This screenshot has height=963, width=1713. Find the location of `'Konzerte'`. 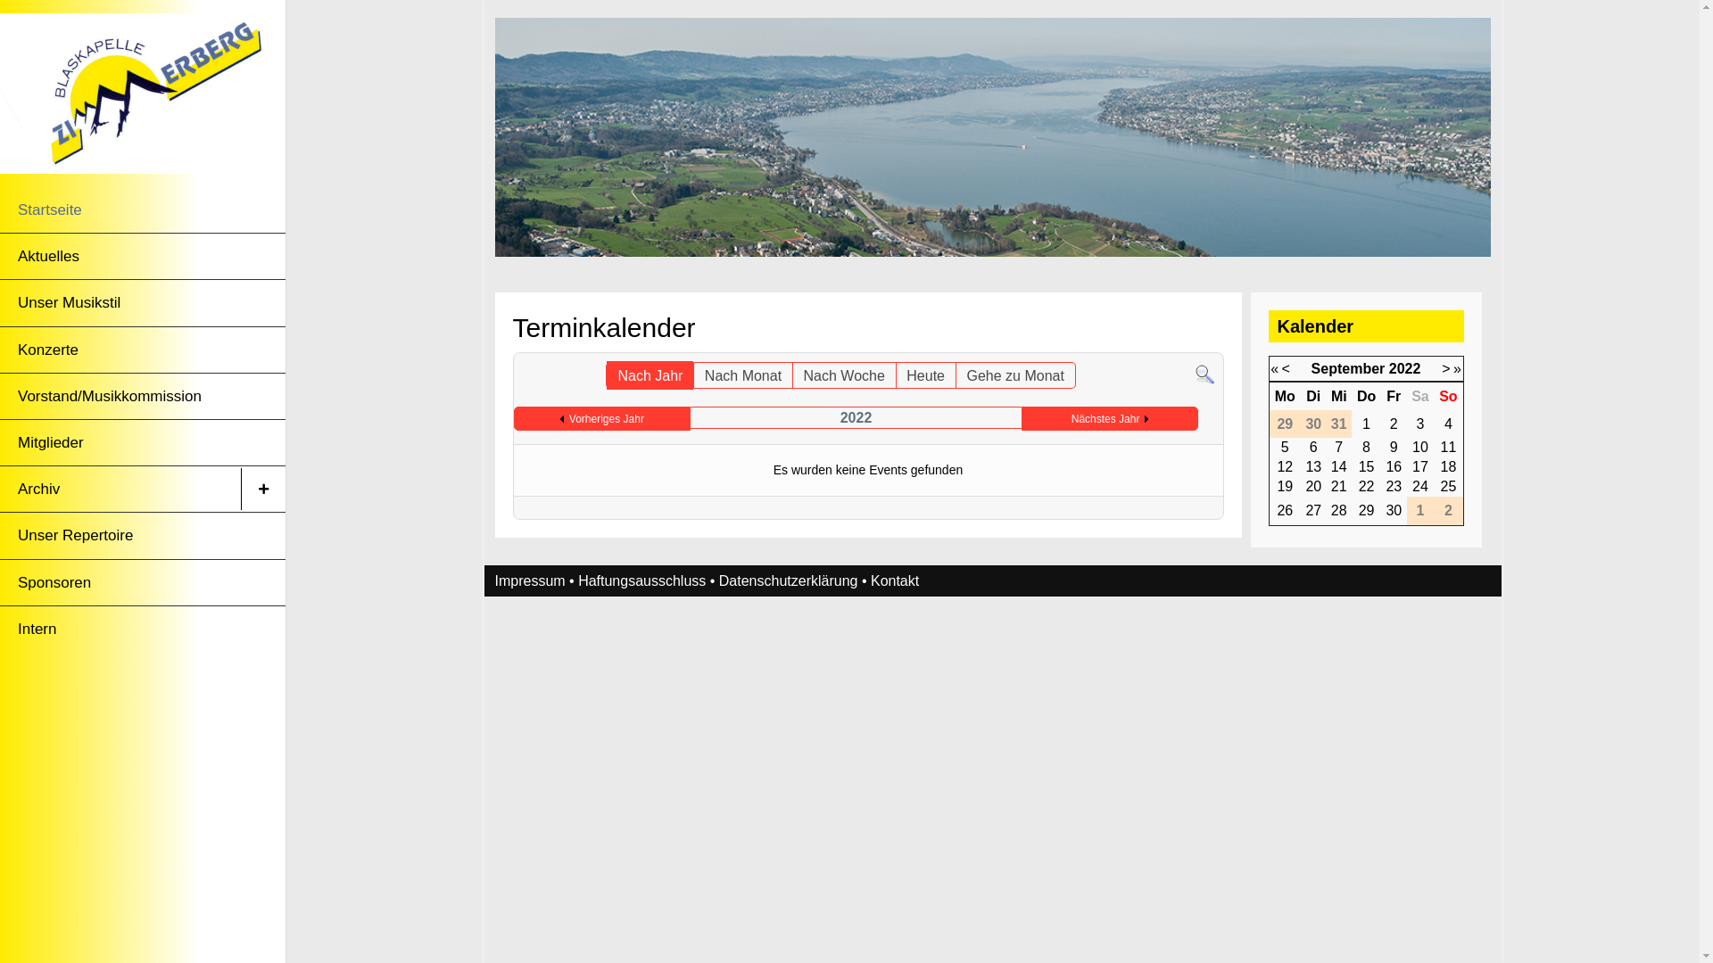

'Konzerte' is located at coordinates (119, 350).